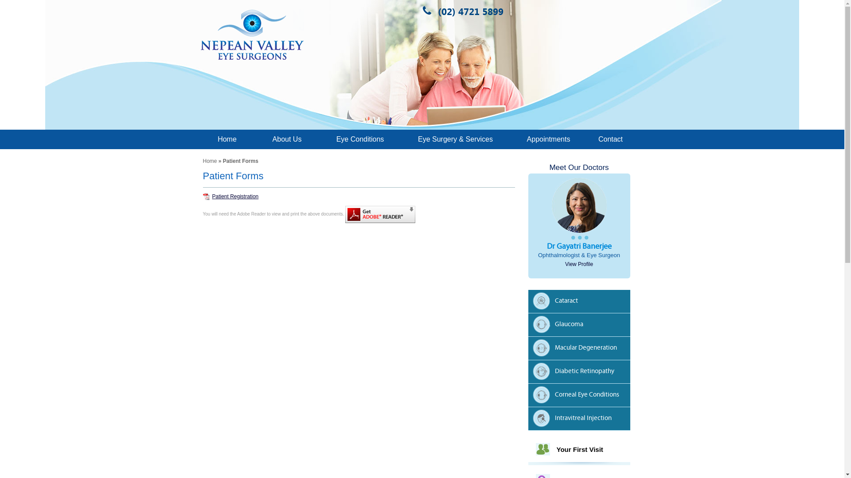 Image resolution: width=851 pixels, height=478 pixels. What do you see at coordinates (578, 167) in the screenshot?
I see `'Meet Our Doctors'` at bounding box center [578, 167].